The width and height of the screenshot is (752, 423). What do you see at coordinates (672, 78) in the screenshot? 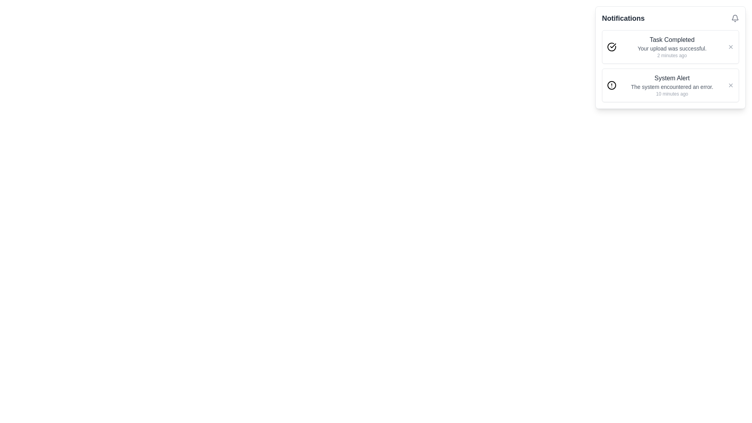
I see `the 'System Alert' text label in bold gray font located in the second notification card of the 'Notifications' dropdown` at bounding box center [672, 78].